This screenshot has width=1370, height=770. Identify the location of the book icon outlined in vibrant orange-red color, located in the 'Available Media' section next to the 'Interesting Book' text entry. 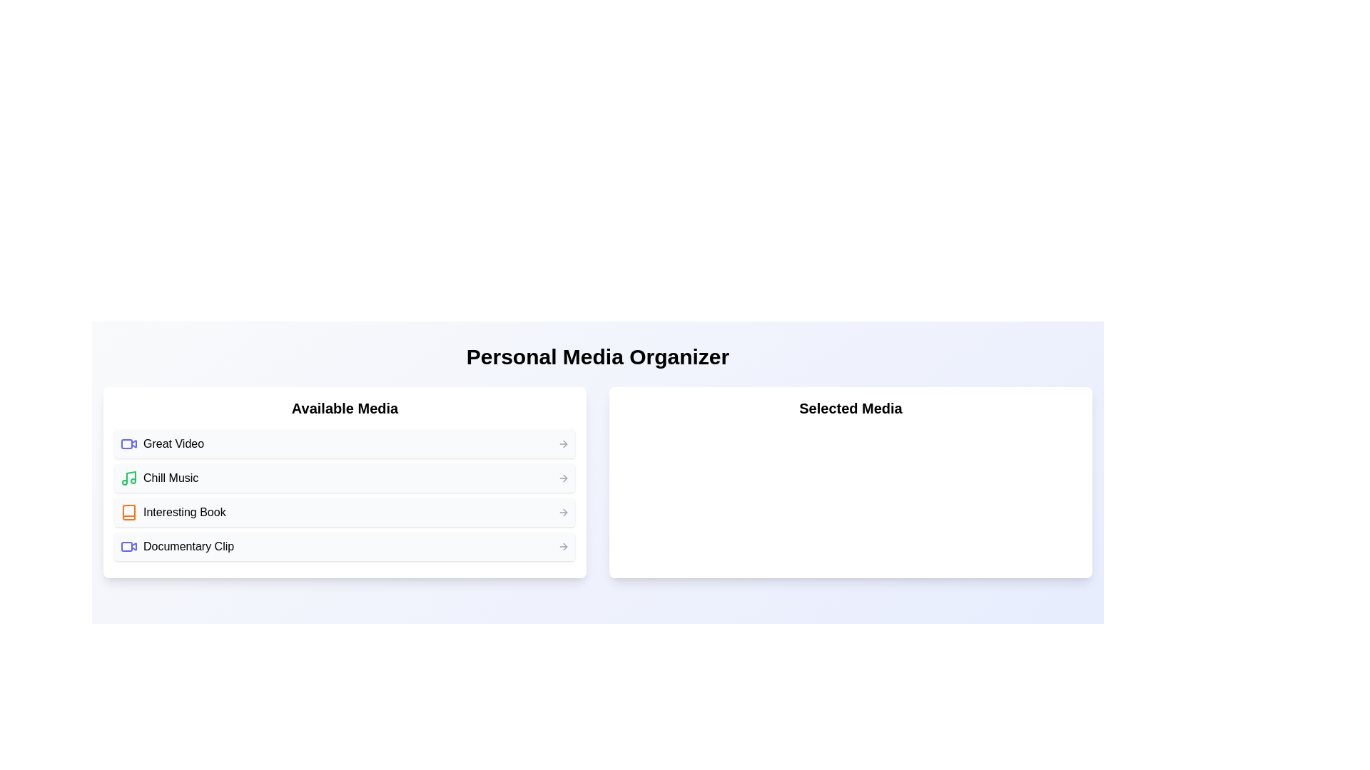
(129, 511).